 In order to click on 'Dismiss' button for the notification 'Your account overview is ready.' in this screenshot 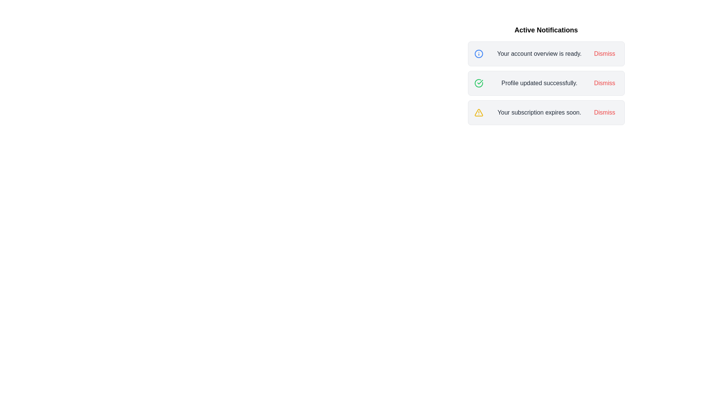, I will do `click(604, 53)`.